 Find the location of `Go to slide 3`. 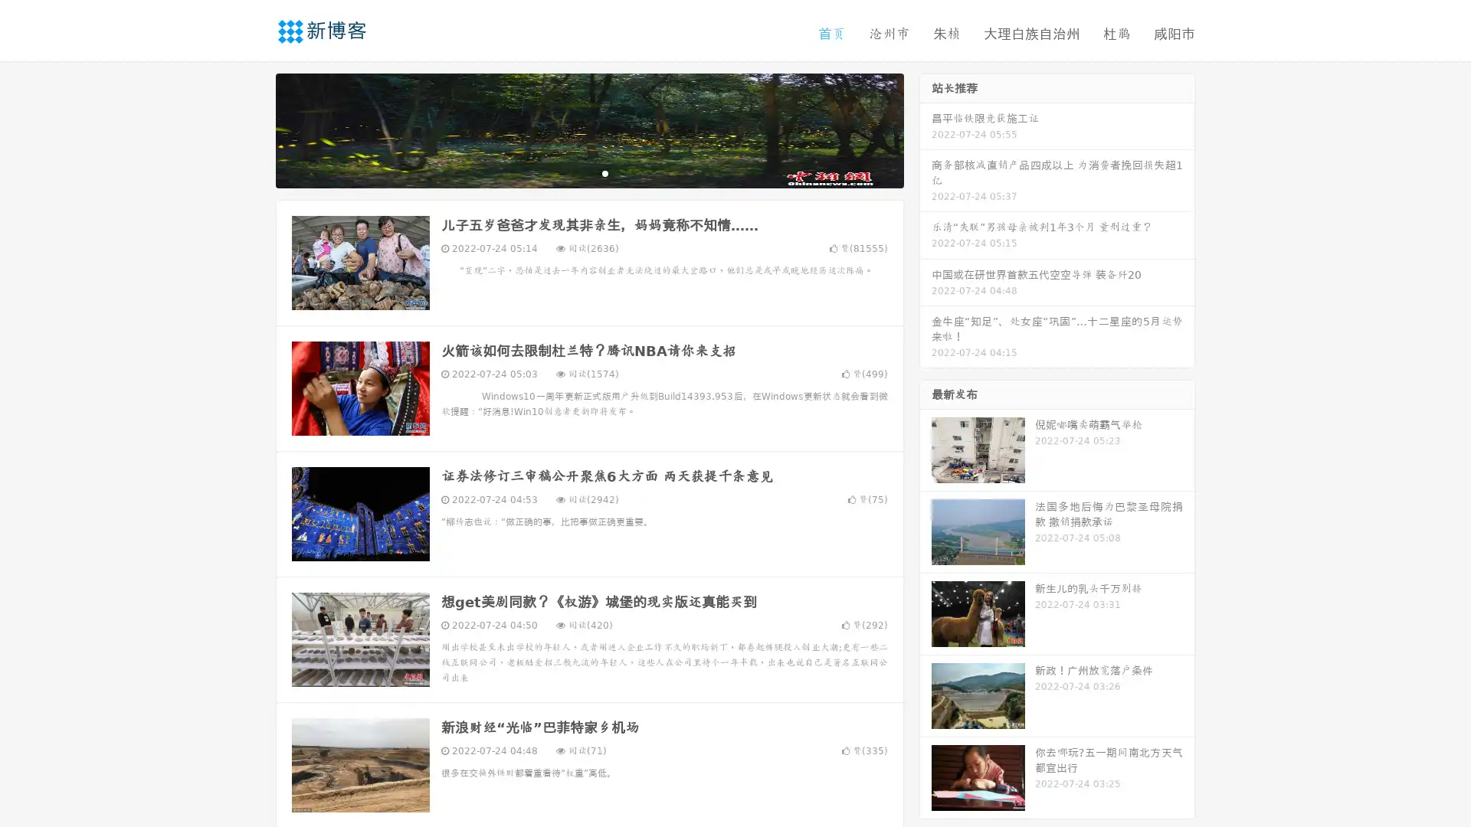

Go to slide 3 is located at coordinates (604, 172).